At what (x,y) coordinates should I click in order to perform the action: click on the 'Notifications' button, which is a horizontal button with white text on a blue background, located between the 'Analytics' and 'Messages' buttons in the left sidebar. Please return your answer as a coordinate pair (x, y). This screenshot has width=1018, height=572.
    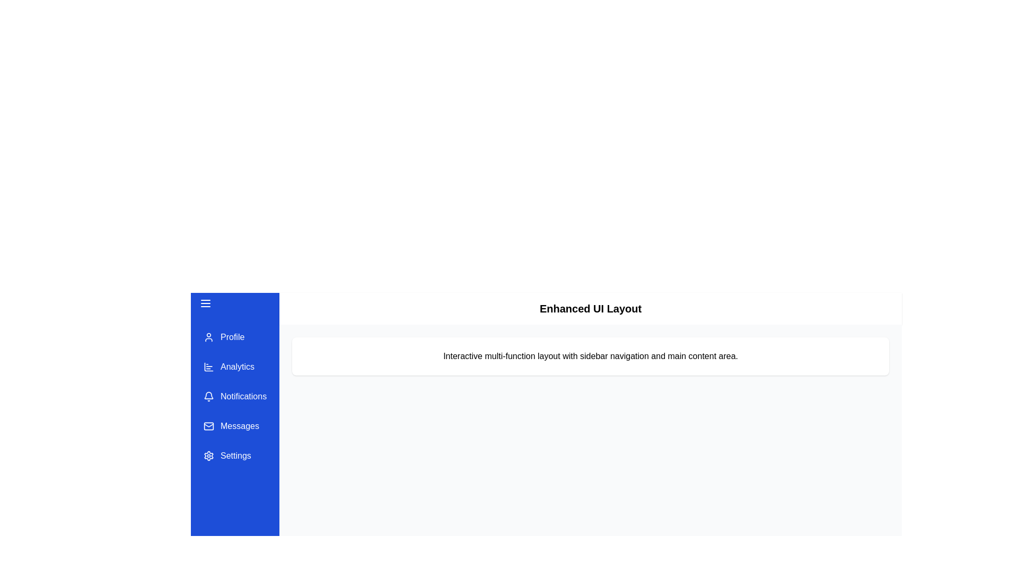
    Looking at the image, I should click on (234, 396).